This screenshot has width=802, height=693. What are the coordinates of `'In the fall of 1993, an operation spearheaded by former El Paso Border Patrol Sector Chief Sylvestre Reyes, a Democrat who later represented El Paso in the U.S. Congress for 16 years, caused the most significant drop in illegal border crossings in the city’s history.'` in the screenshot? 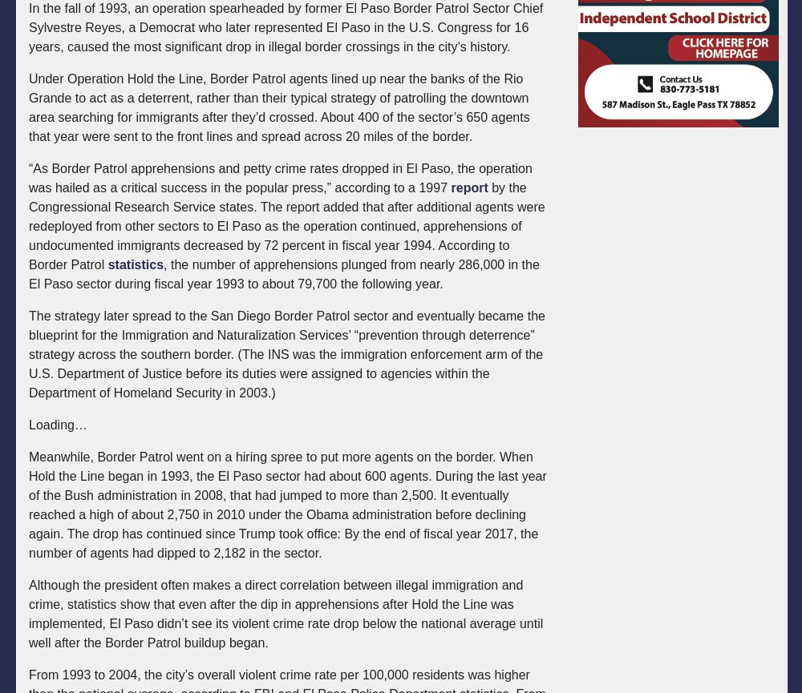 It's located at (285, 27).